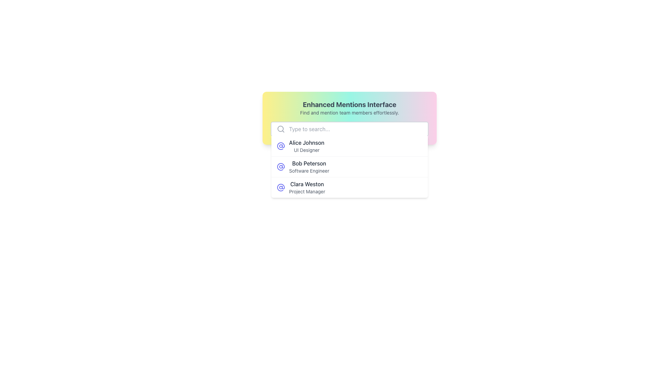 The height and width of the screenshot is (367, 653). What do you see at coordinates (349, 167) in the screenshot?
I see `on the second user profile in the dropdown menu displaying user profiles, which is located under the search box and has a rounded corner design` at bounding box center [349, 167].